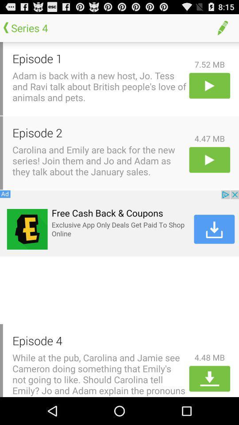  Describe the element at coordinates (209, 159) in the screenshot. I see `video` at that location.